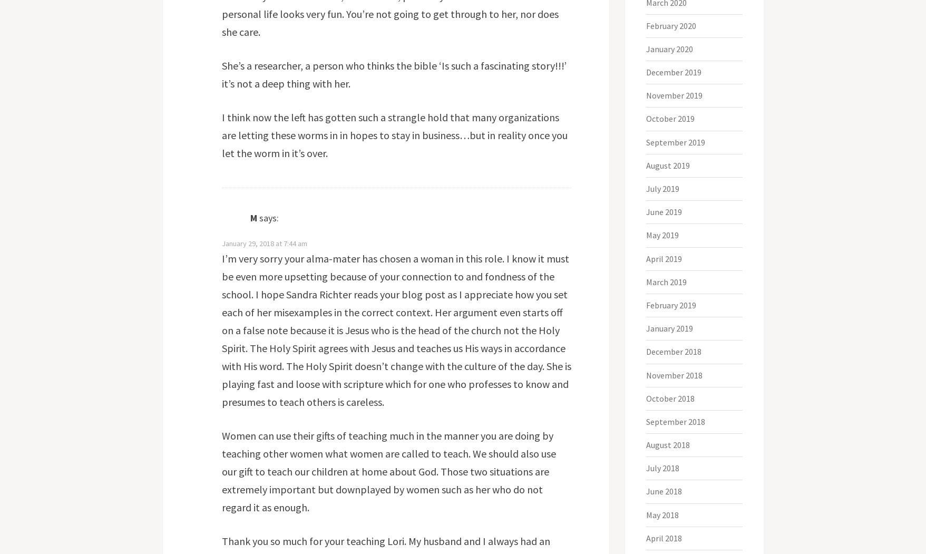 The width and height of the screenshot is (926, 554). What do you see at coordinates (646, 25) in the screenshot?
I see `'February 2020'` at bounding box center [646, 25].